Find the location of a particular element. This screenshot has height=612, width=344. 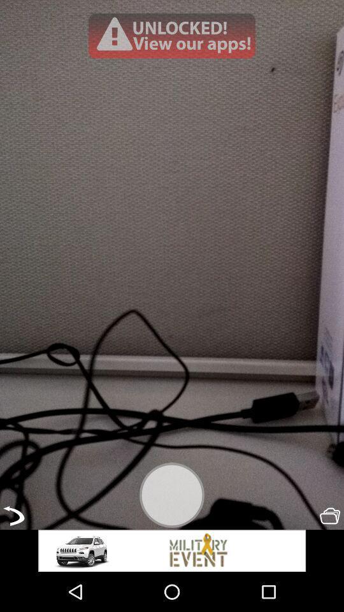

advertisement is located at coordinates (172, 550).